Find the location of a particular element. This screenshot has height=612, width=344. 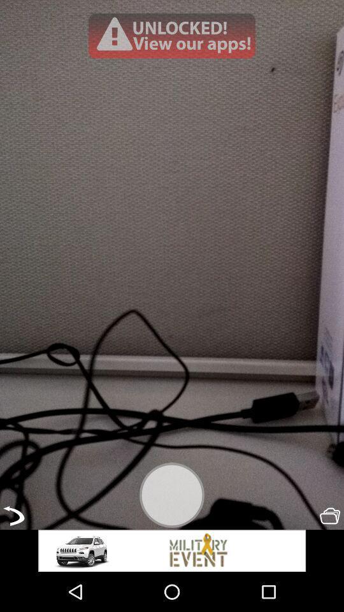

advertisement is located at coordinates (172, 550).